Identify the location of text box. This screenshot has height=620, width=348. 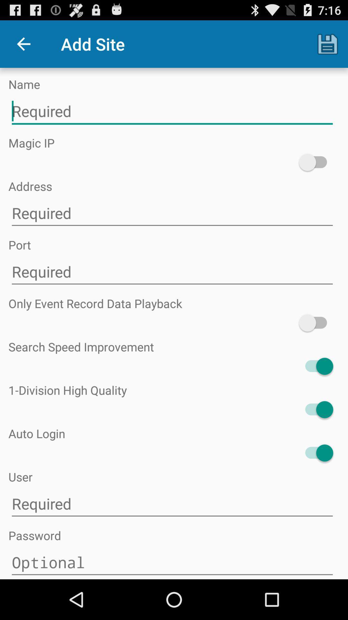
(172, 111).